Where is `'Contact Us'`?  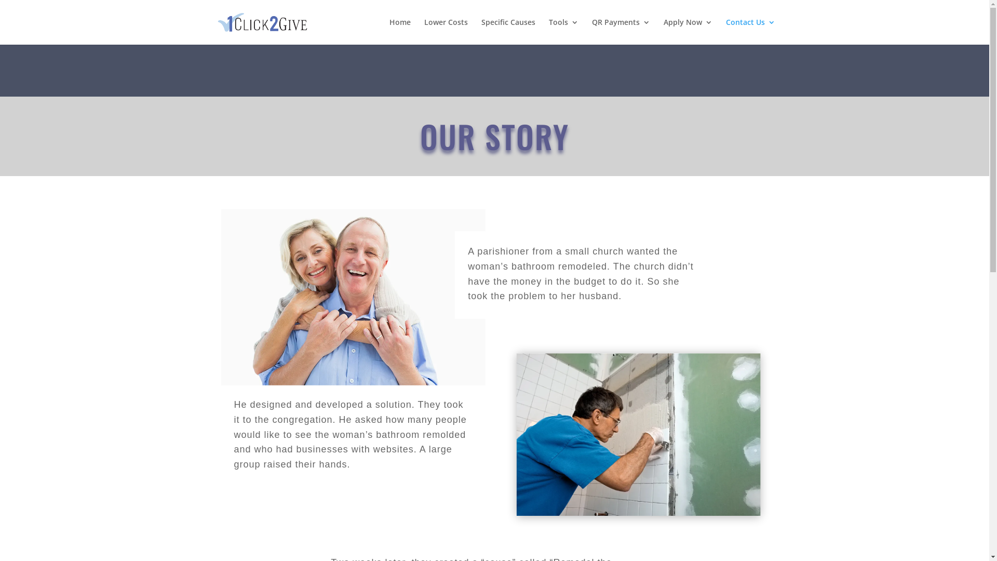 'Contact Us' is located at coordinates (750, 31).